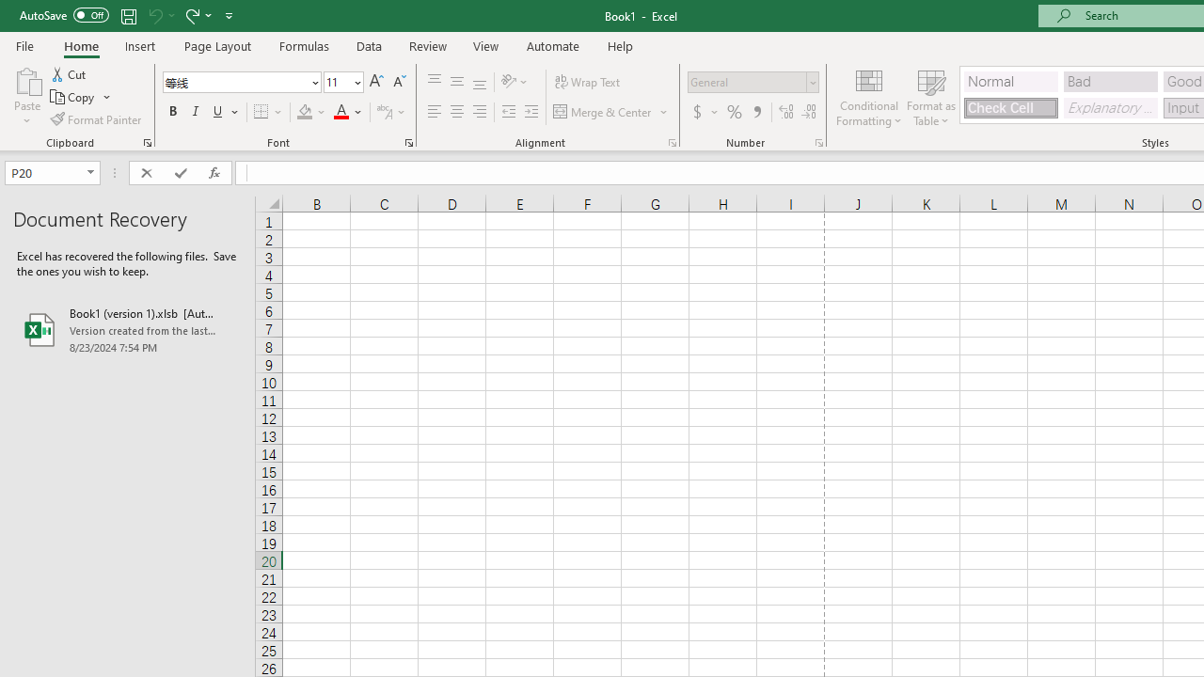  I want to click on 'Cut', so click(70, 73).